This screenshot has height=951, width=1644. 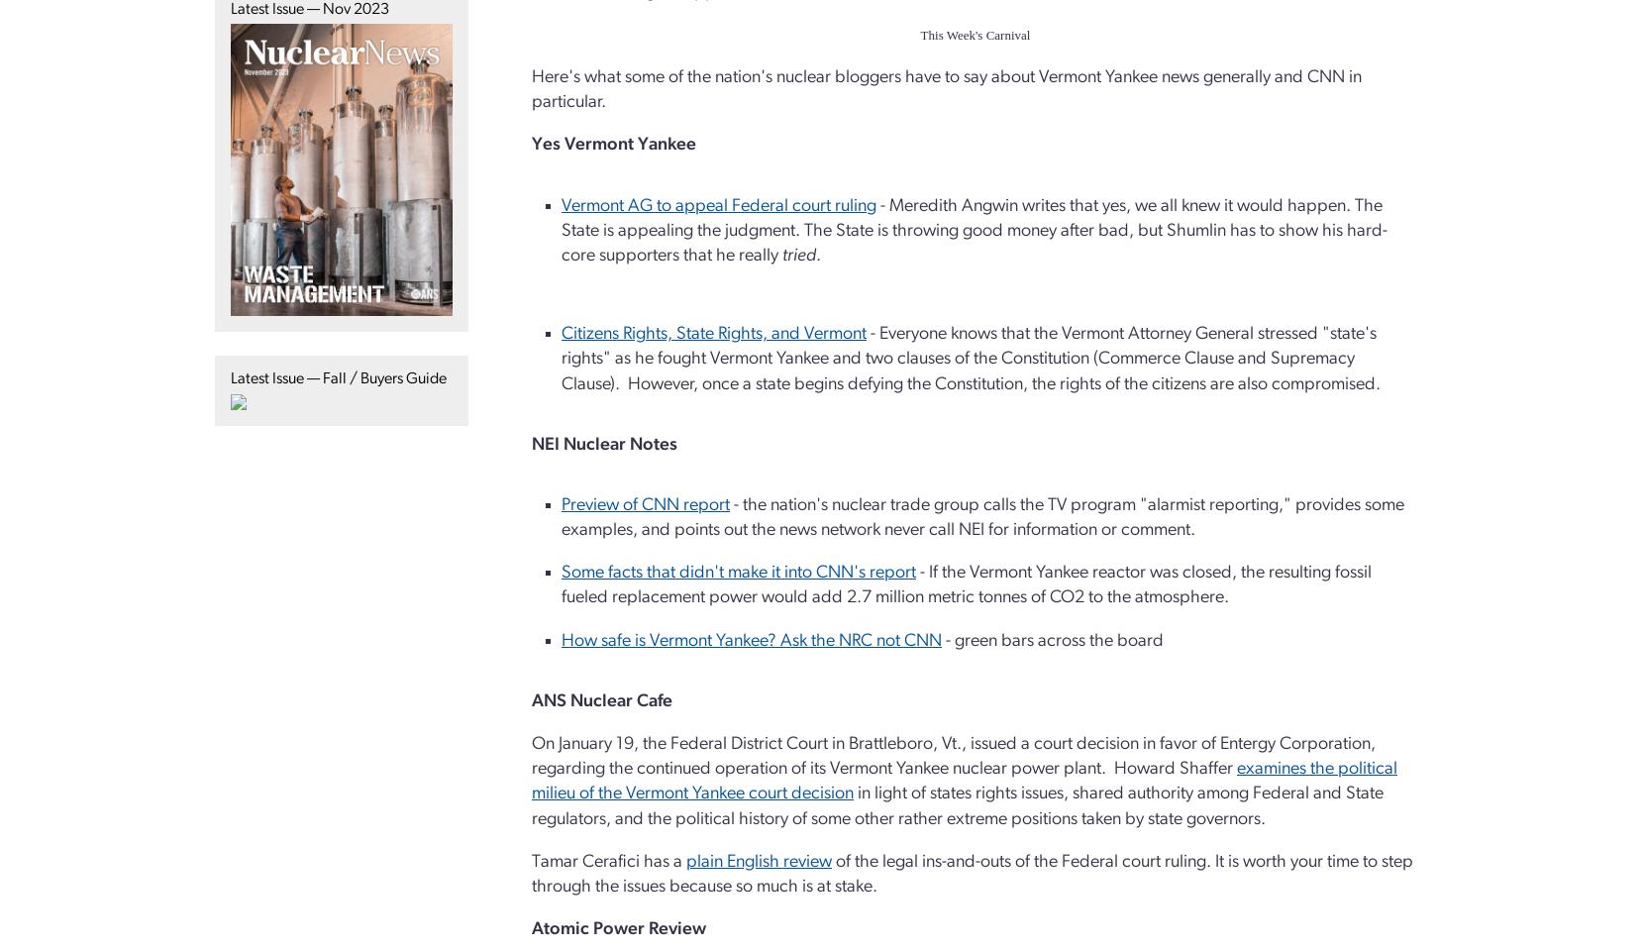 I want to click on 'Latest Issue — Fall / Buyers Guide', so click(x=338, y=378).